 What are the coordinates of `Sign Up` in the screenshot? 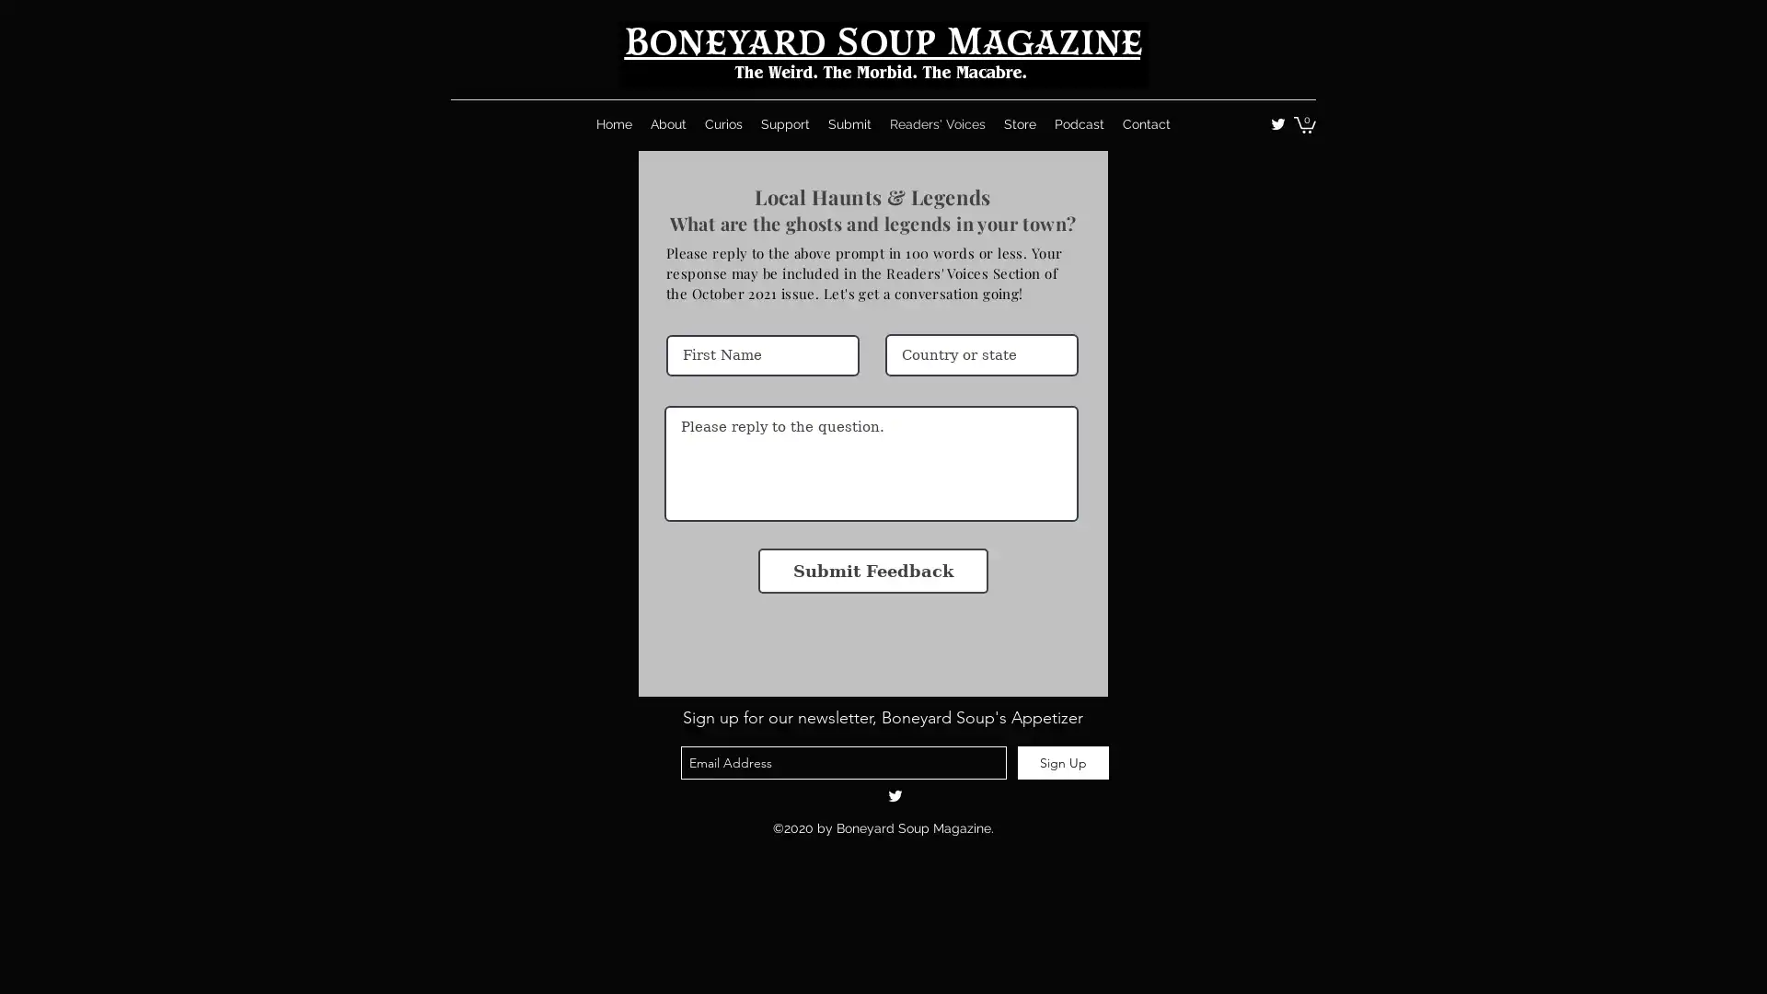 It's located at (1063, 763).